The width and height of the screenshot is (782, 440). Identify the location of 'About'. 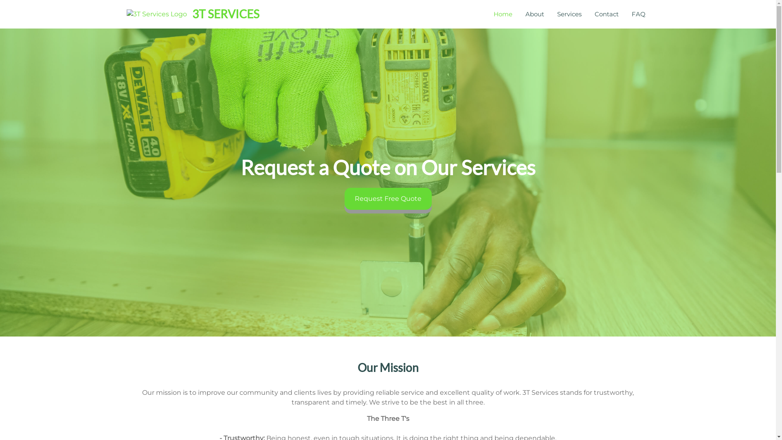
(535, 14).